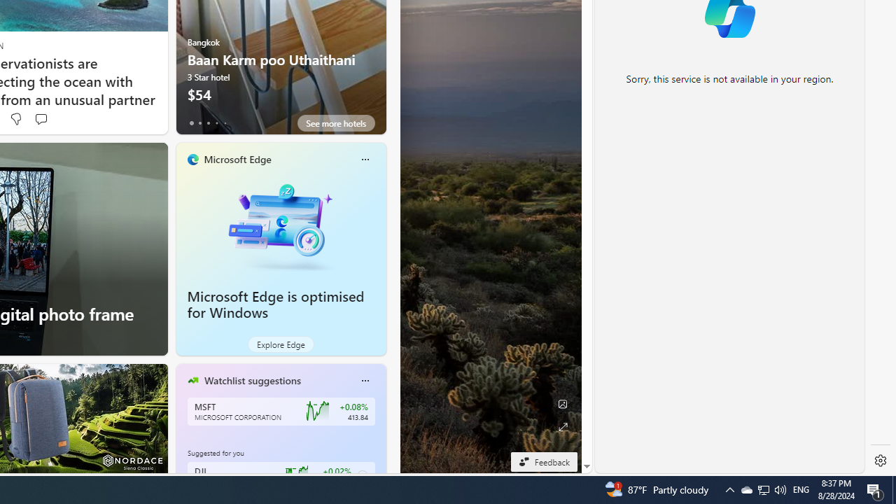 The height and width of the screenshot is (504, 896). Describe the element at coordinates (216, 122) in the screenshot. I see `'tab-3'` at that location.